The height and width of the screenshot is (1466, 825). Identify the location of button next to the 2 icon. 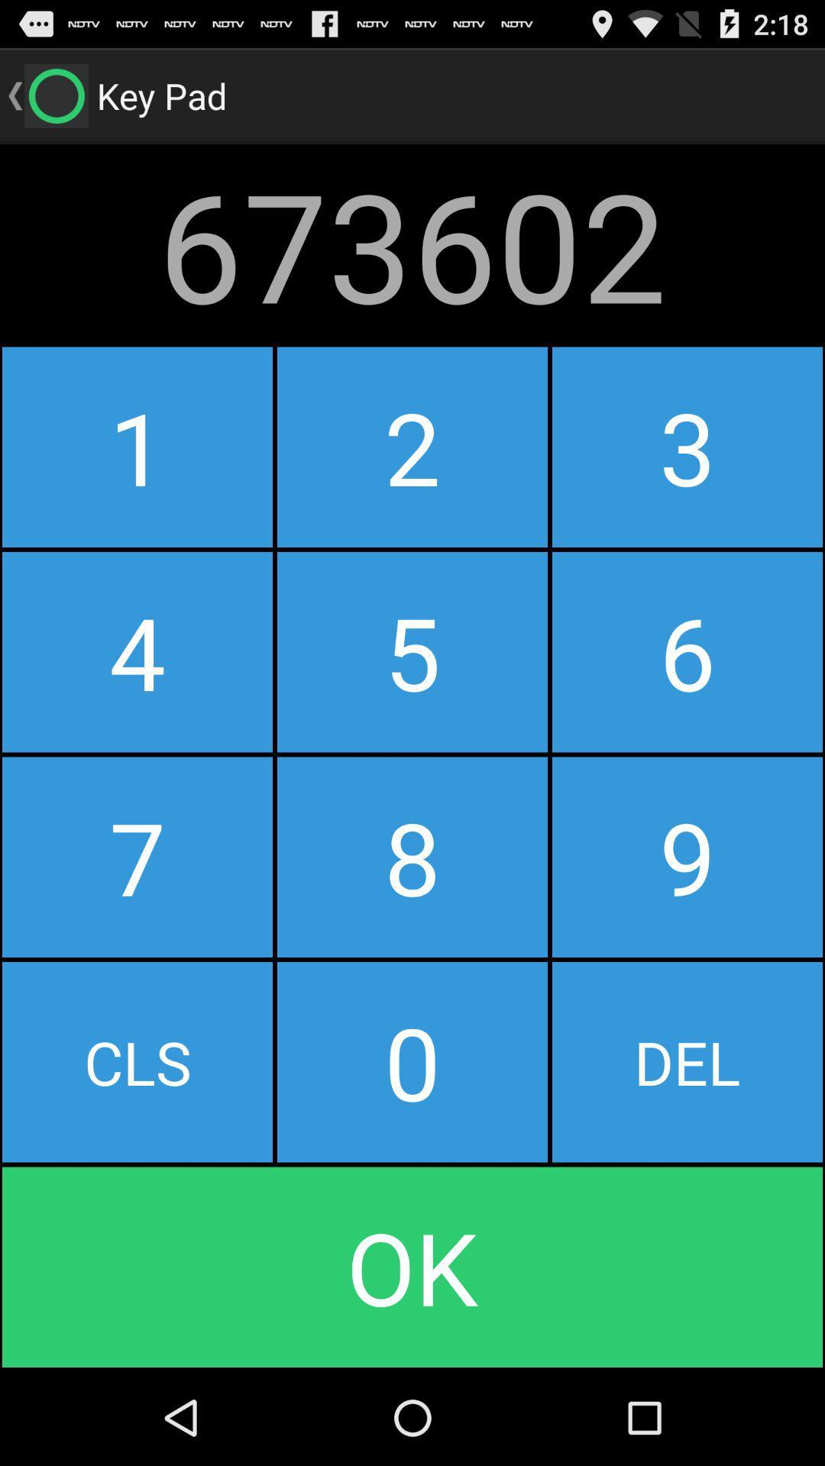
(686, 652).